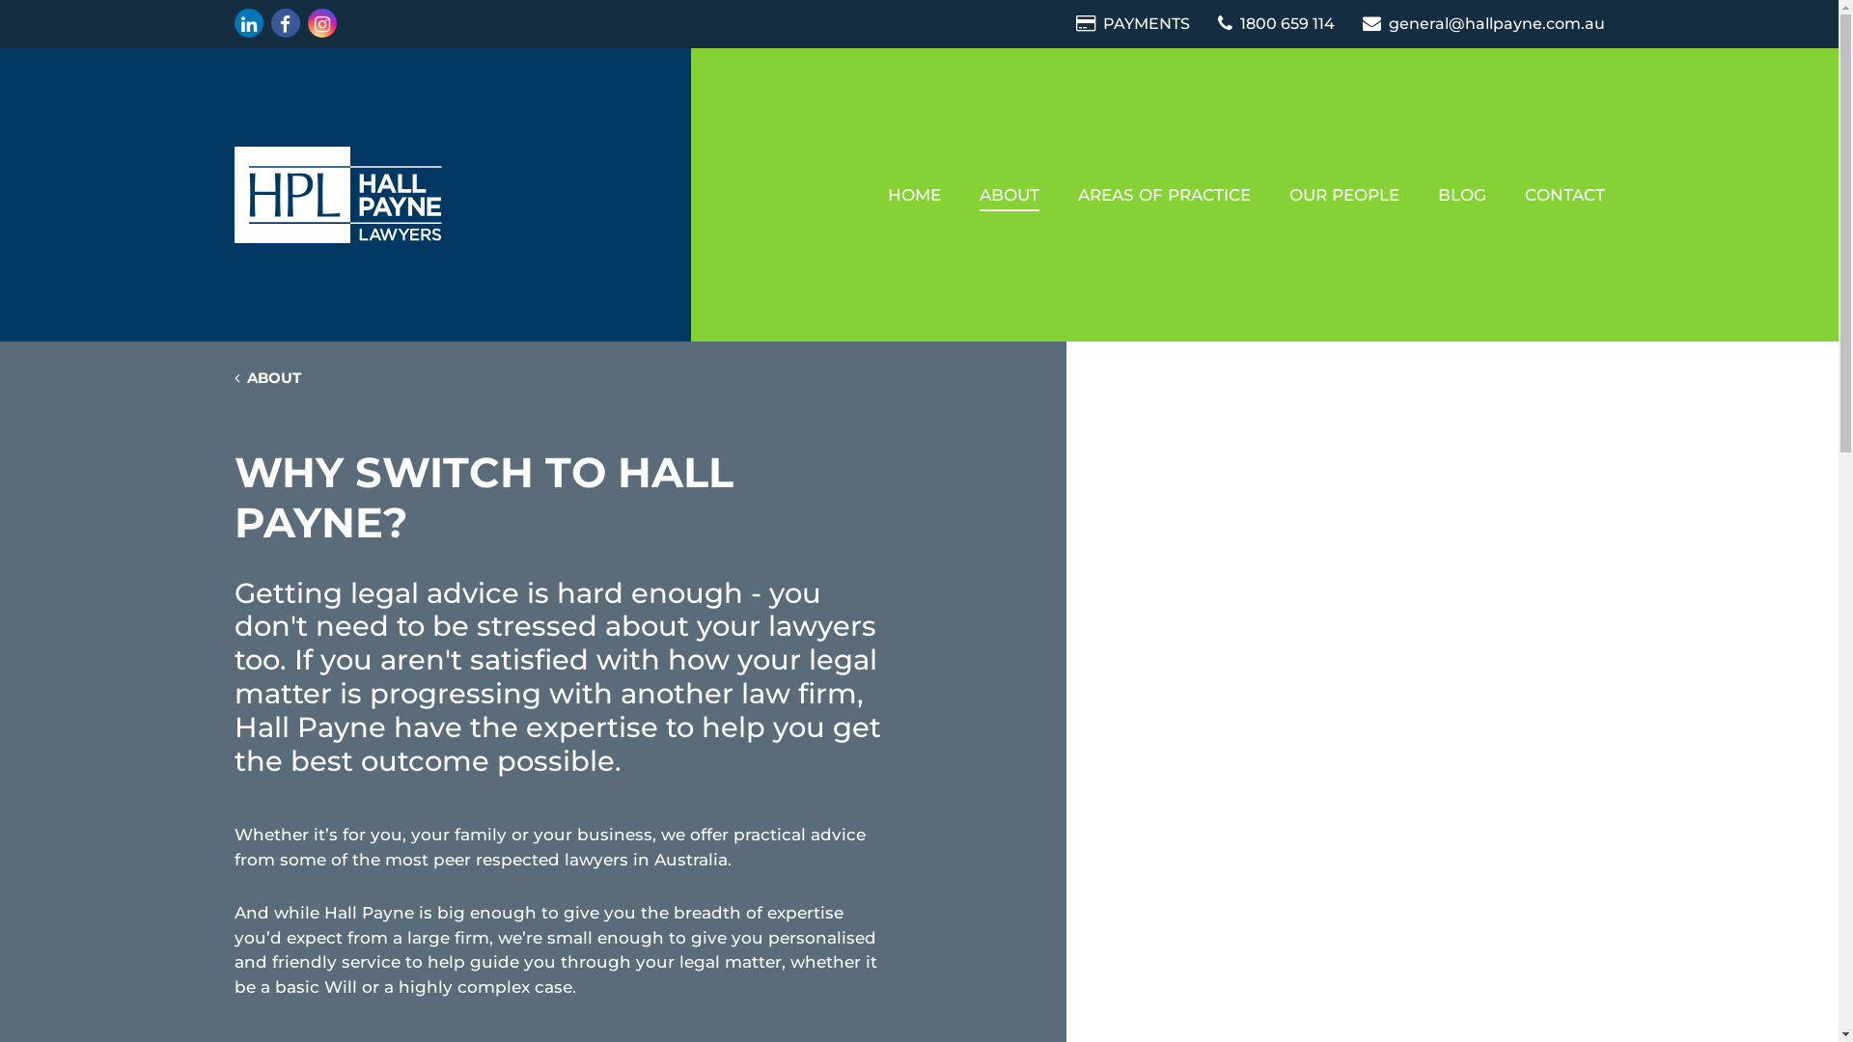  I want to click on '  1800 659 114', so click(1278, 23).